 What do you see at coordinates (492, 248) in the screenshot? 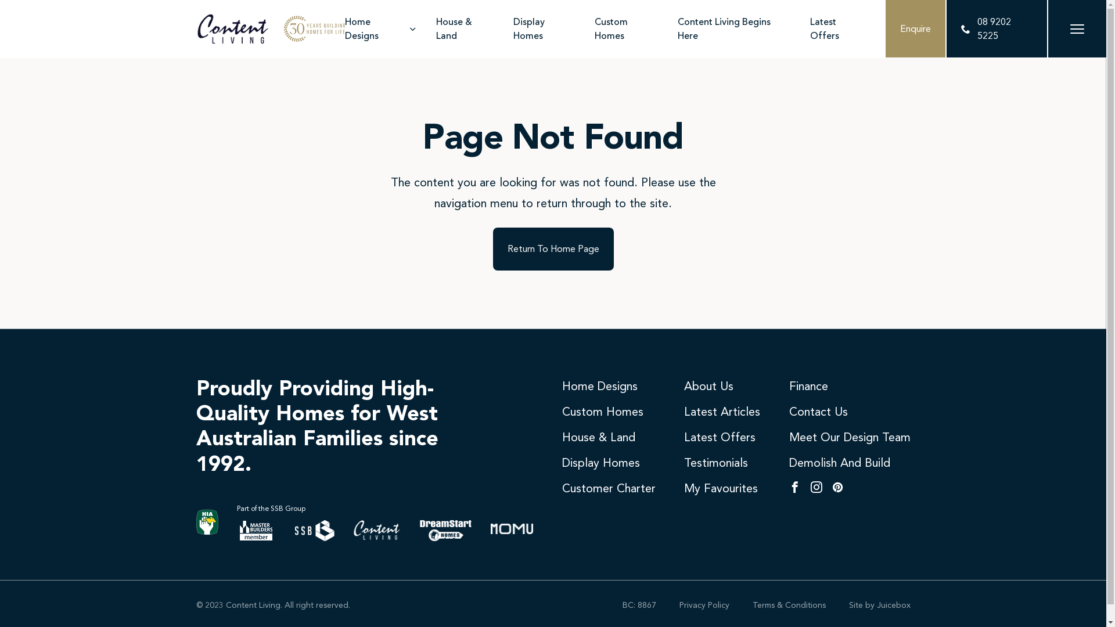
I see `'Return To Home Page'` at bounding box center [492, 248].